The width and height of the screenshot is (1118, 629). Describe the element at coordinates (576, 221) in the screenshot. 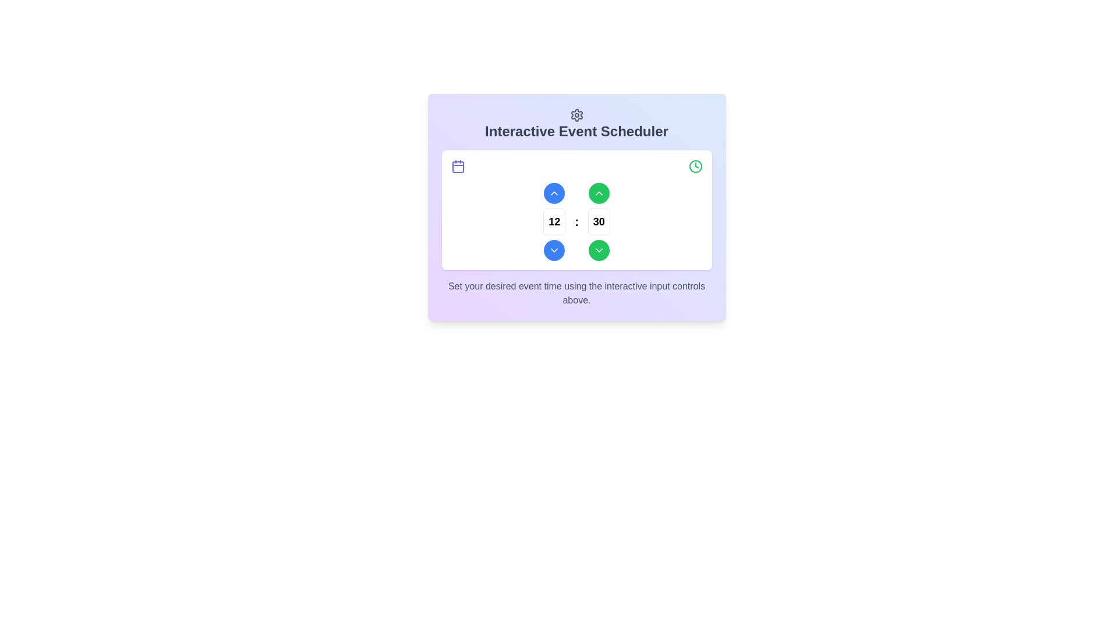

I see `the static text element that visually separates the hour and minute selectors in the time-setting interface, located in the middle of the panel` at that location.